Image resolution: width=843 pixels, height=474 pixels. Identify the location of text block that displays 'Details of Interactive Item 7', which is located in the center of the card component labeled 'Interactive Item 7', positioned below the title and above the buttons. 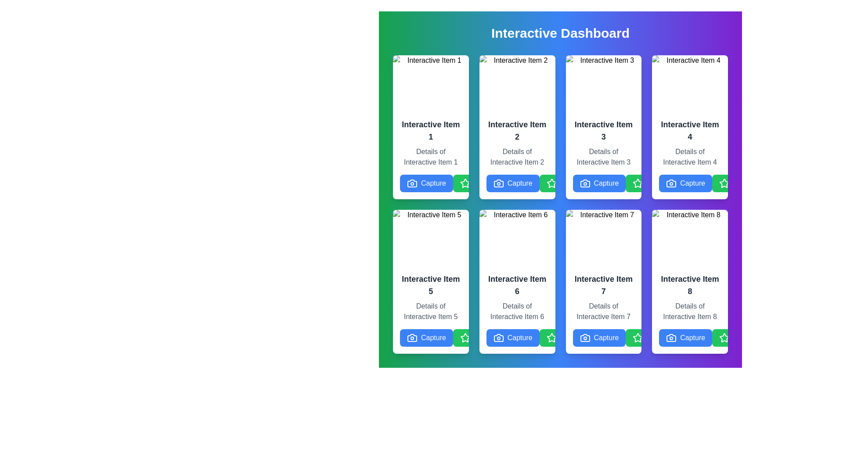
(603, 309).